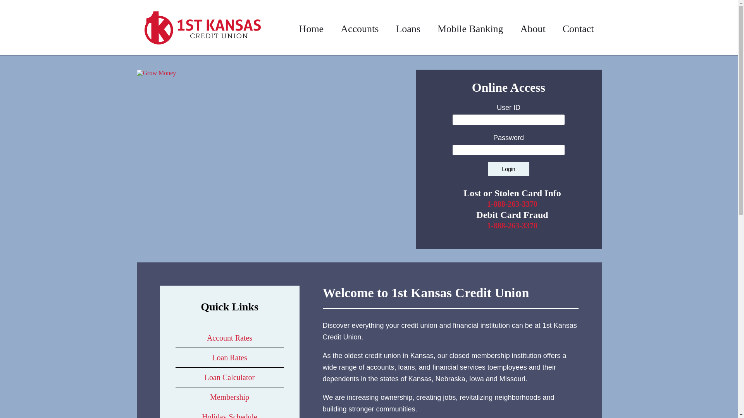  What do you see at coordinates (229, 397) in the screenshot?
I see `'Membership'` at bounding box center [229, 397].